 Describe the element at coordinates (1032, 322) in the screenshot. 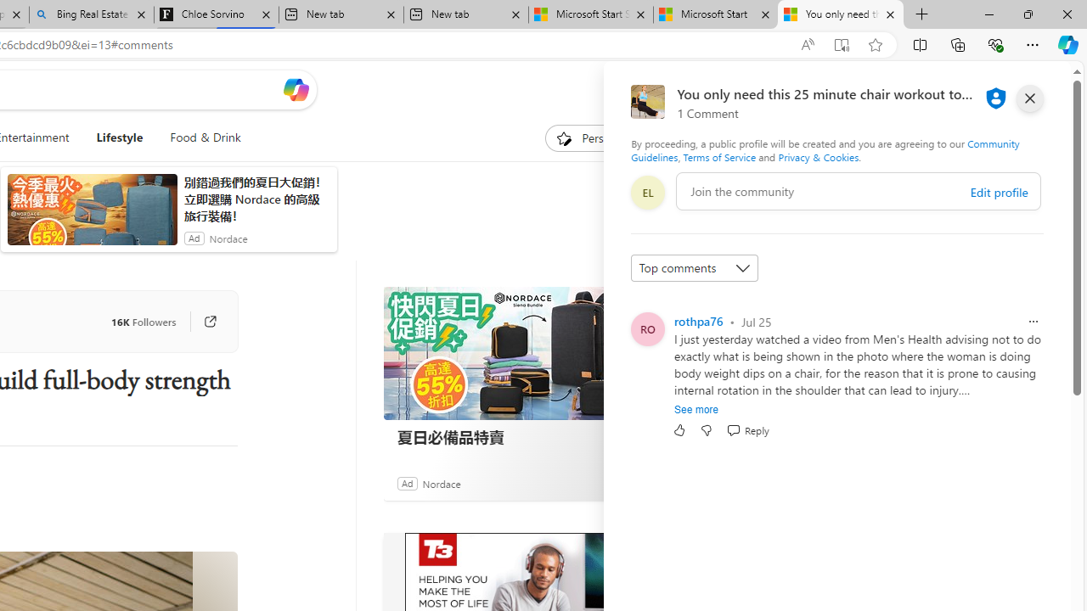

I see `'Report comment'` at that location.